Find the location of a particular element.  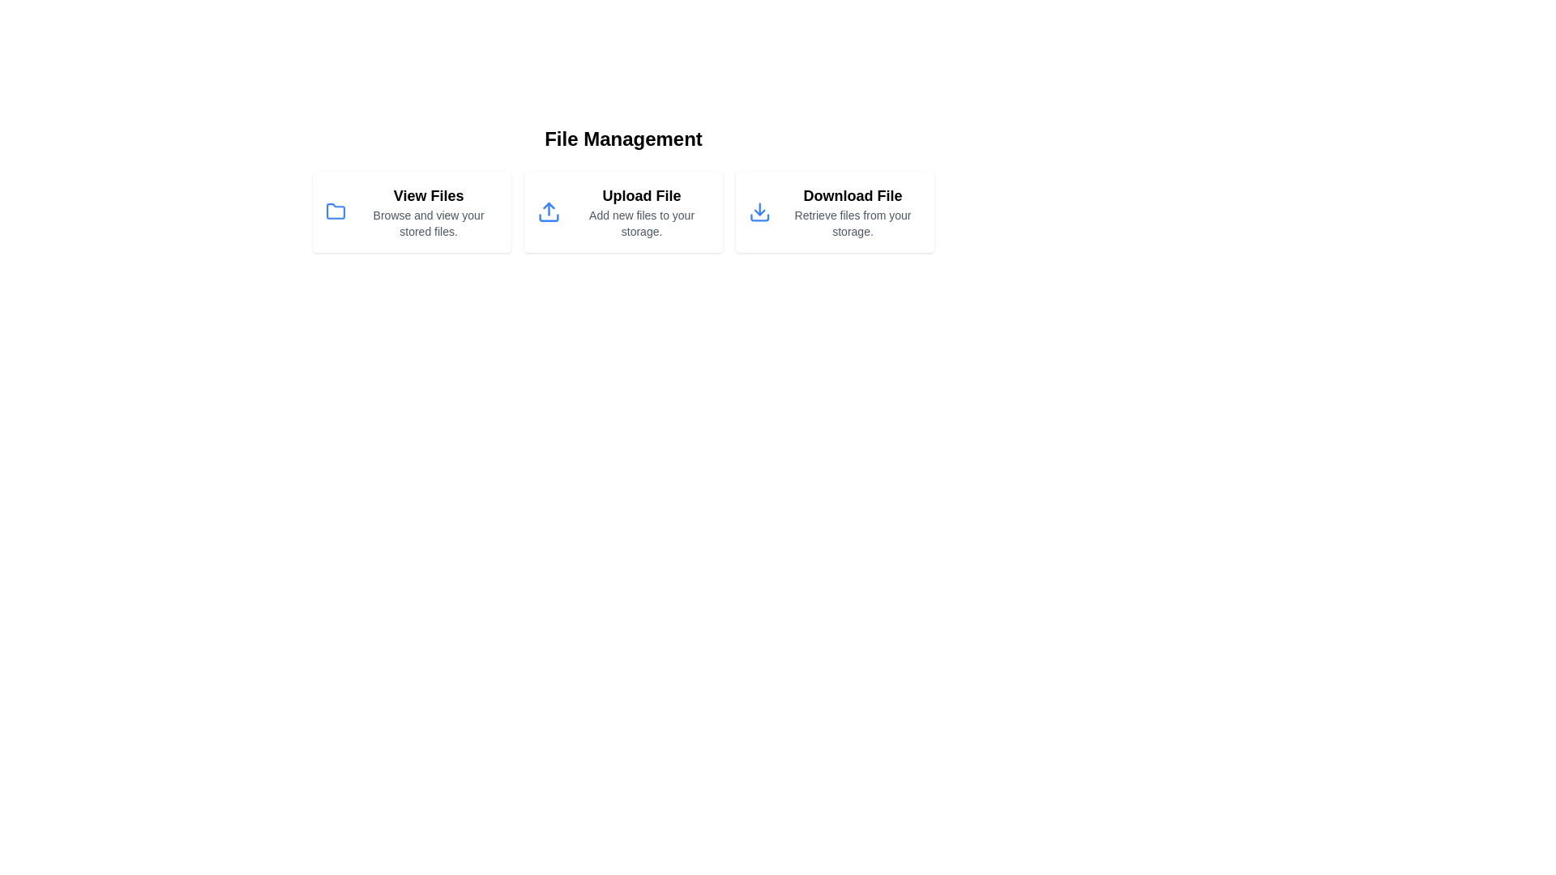

the 'Upload File' button, which features a blue upload icon and bold text is located at coordinates (622, 211).